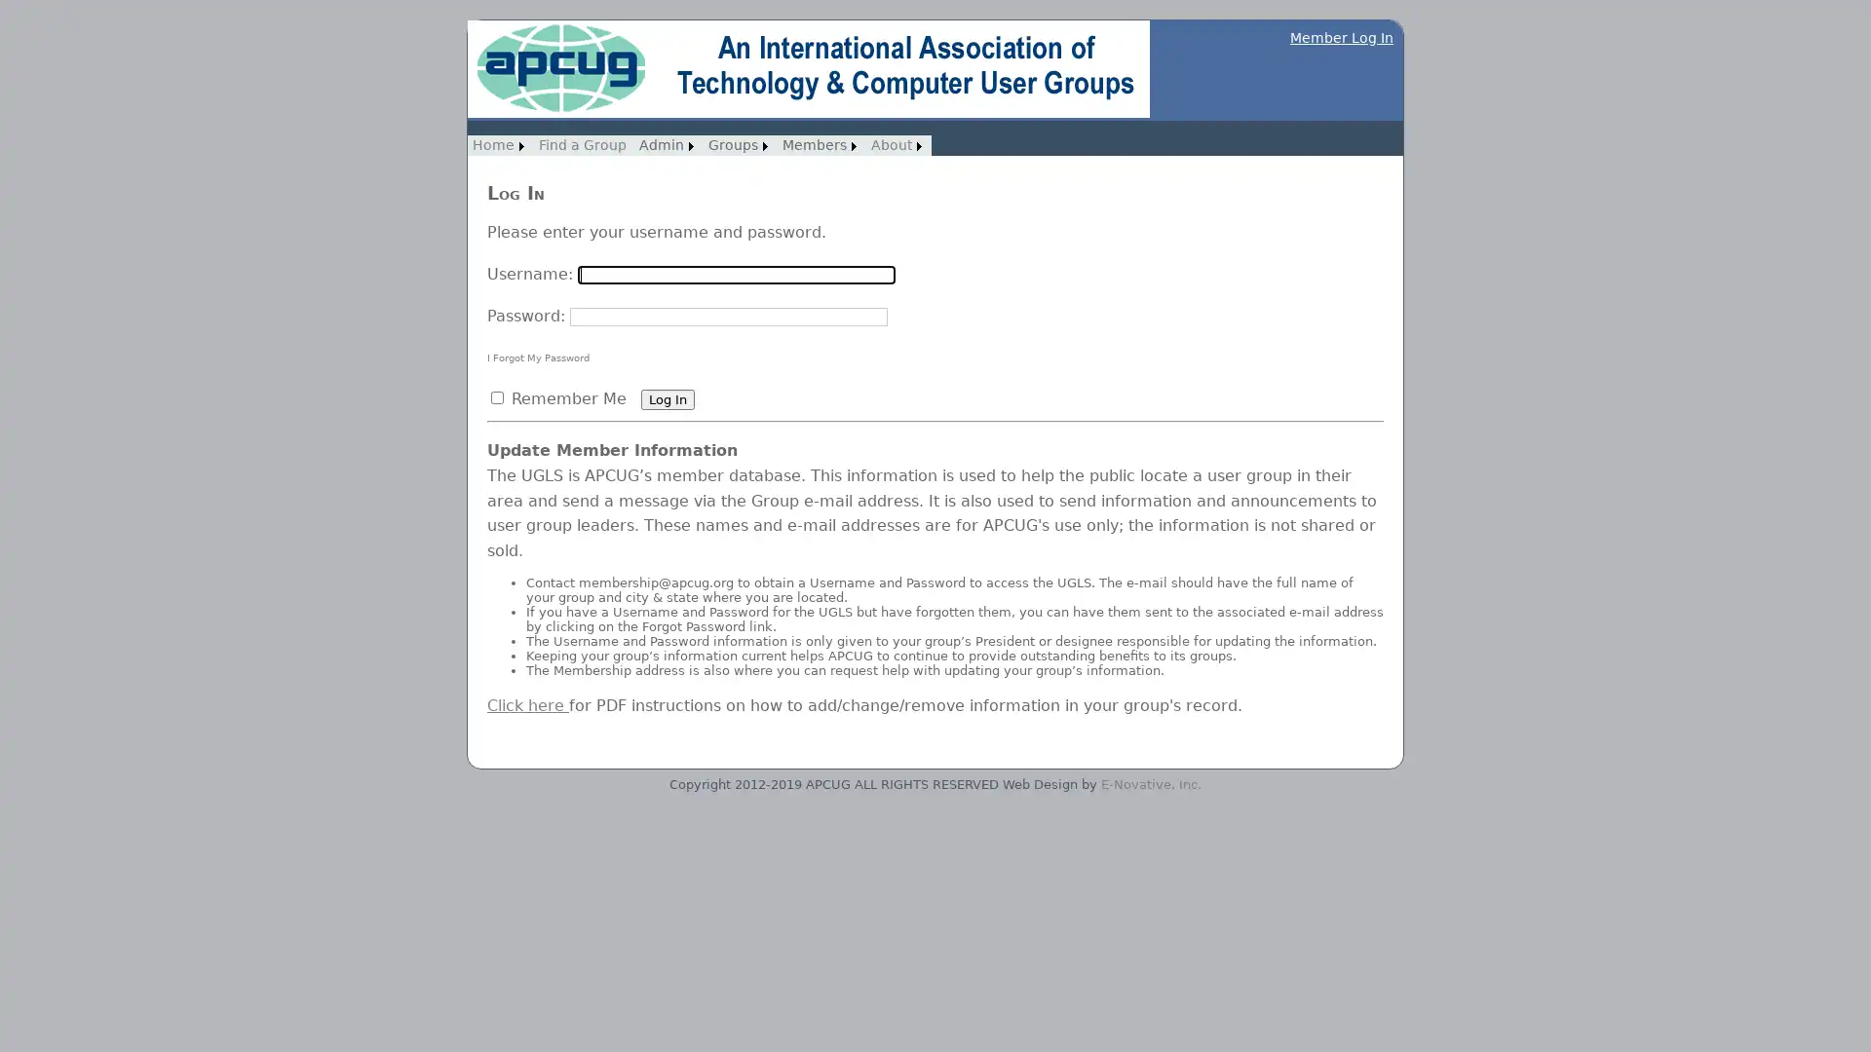  What do you see at coordinates (668, 397) in the screenshot?
I see `Log In` at bounding box center [668, 397].